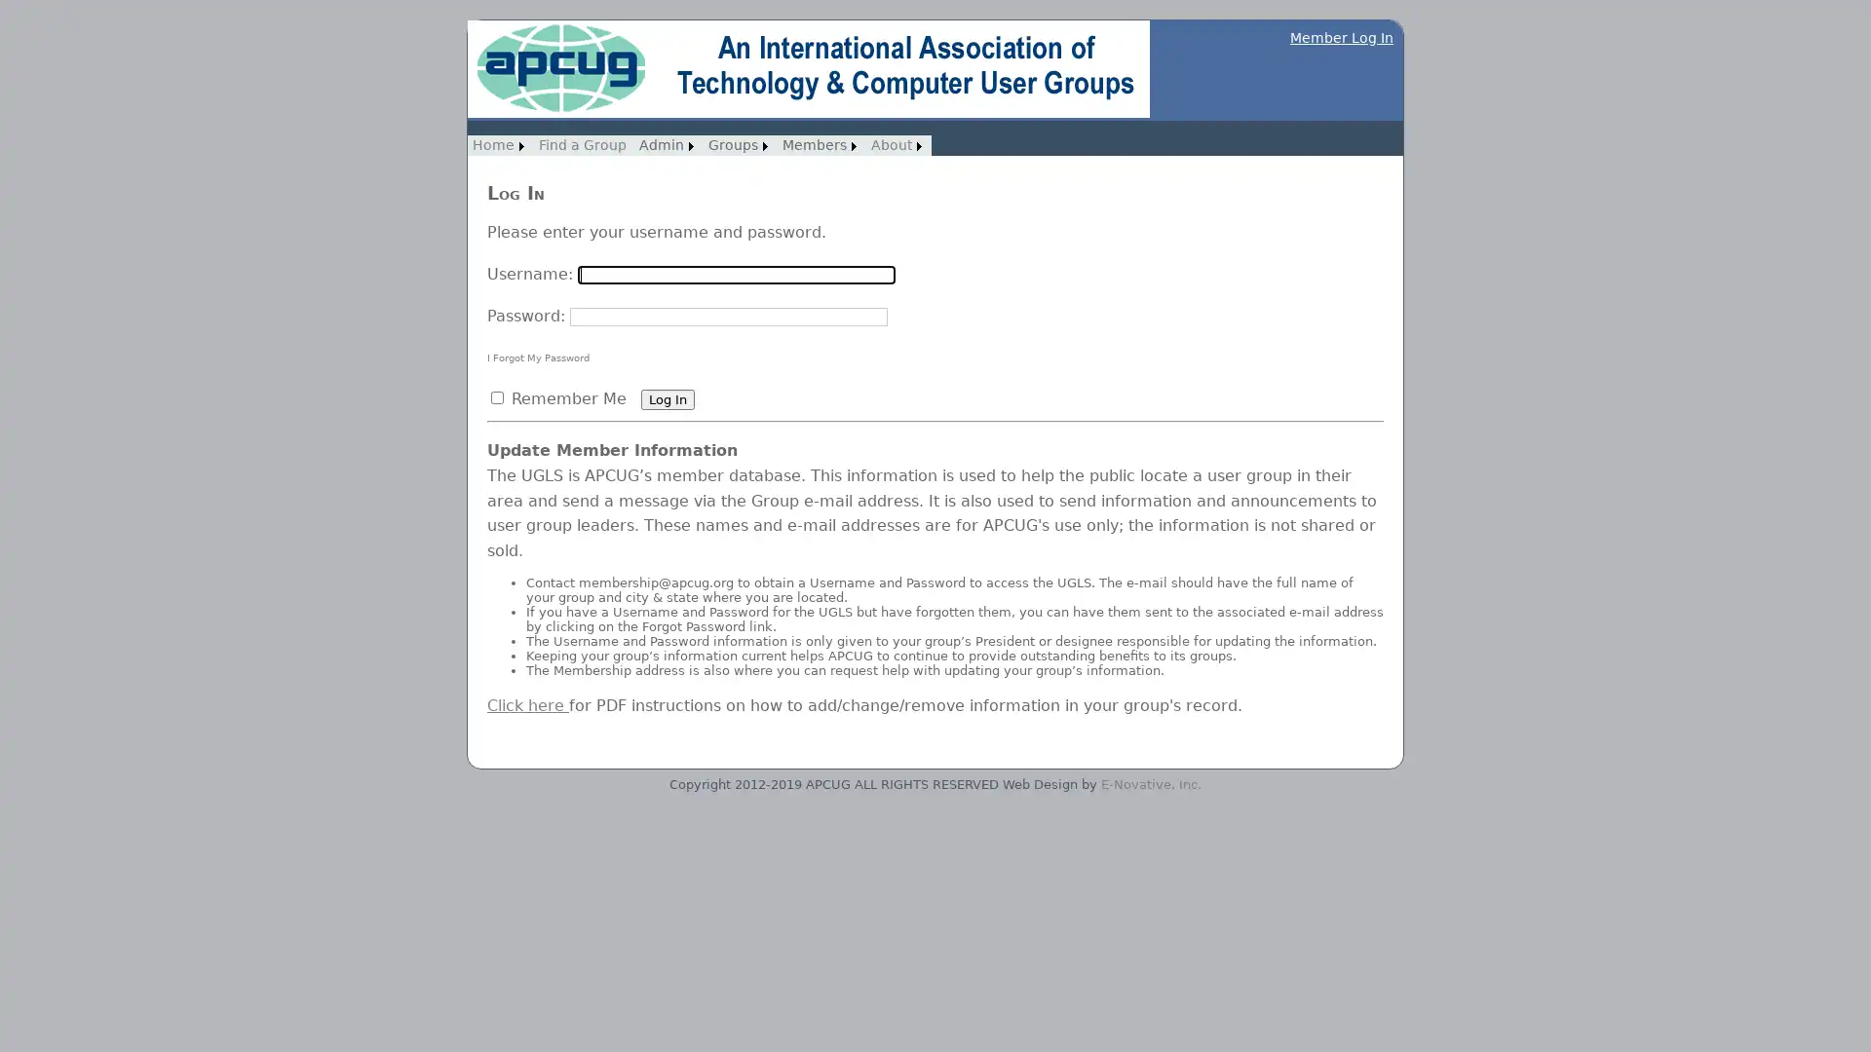  What do you see at coordinates (668, 397) in the screenshot?
I see `Log In` at bounding box center [668, 397].